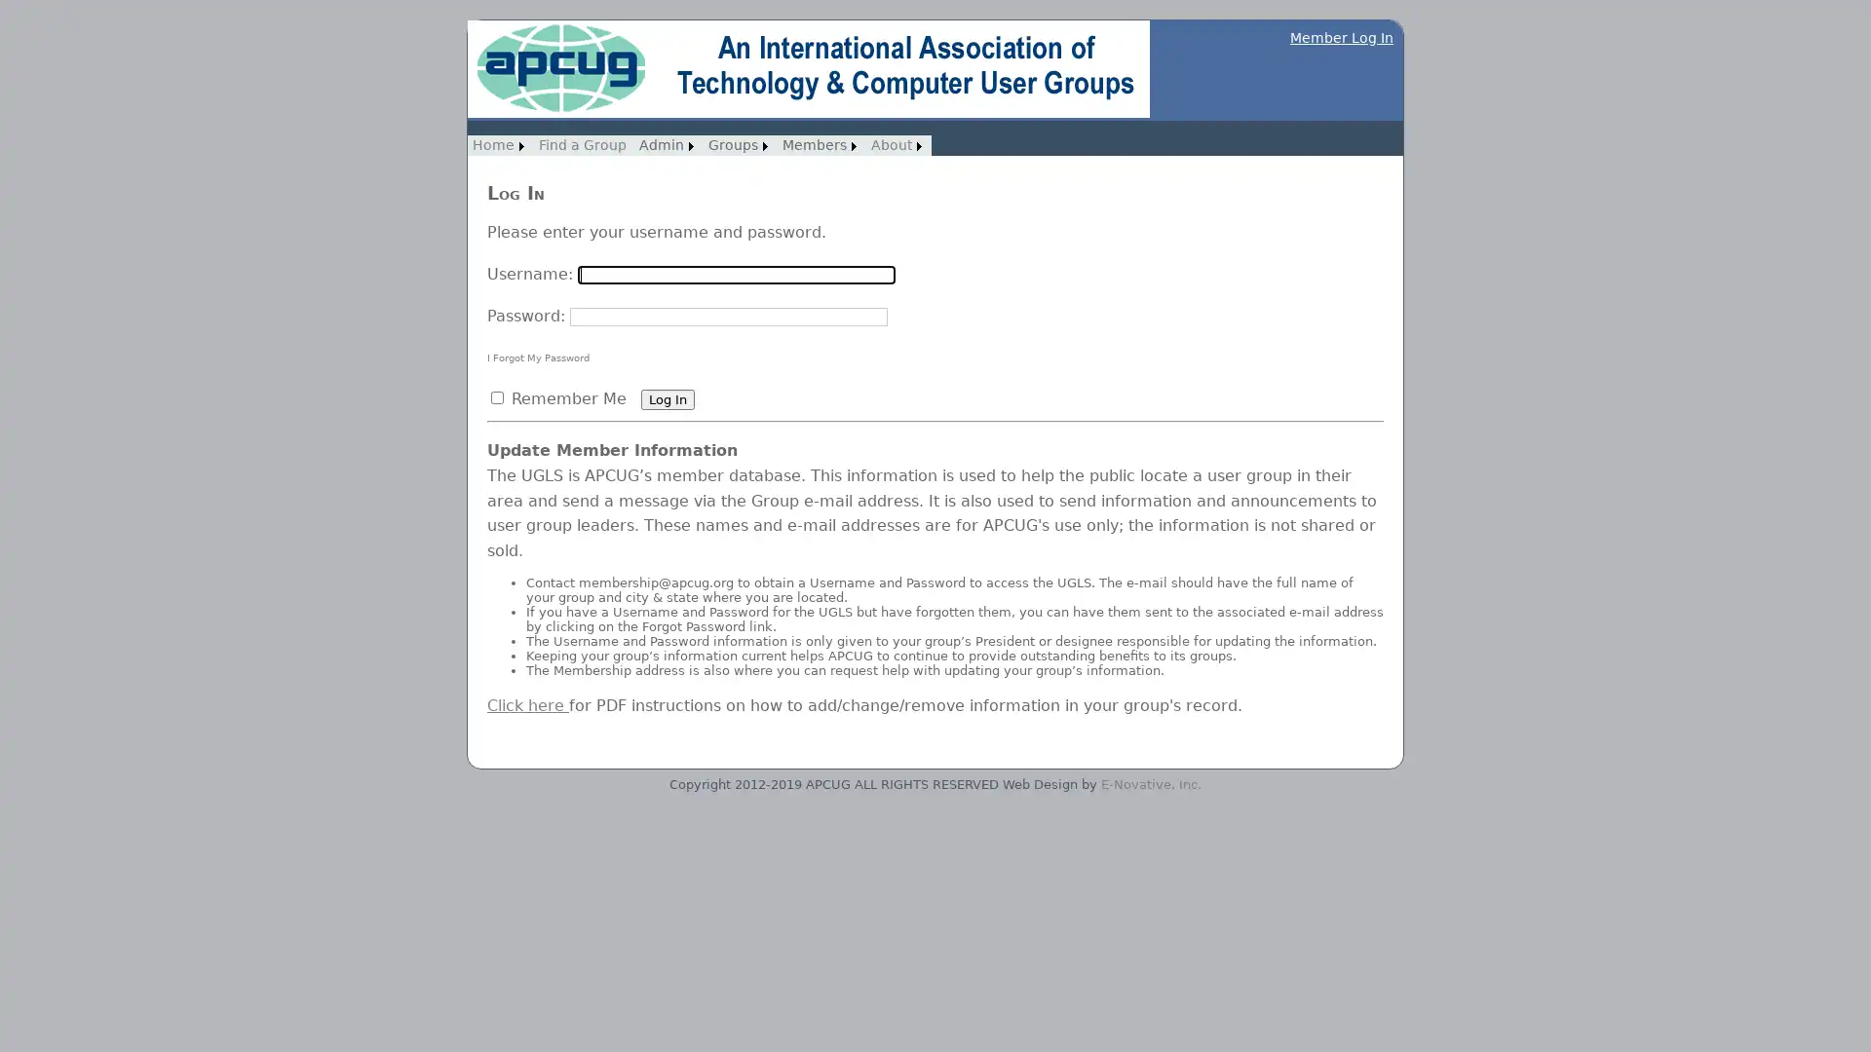  What do you see at coordinates (668, 397) in the screenshot?
I see `Log In` at bounding box center [668, 397].